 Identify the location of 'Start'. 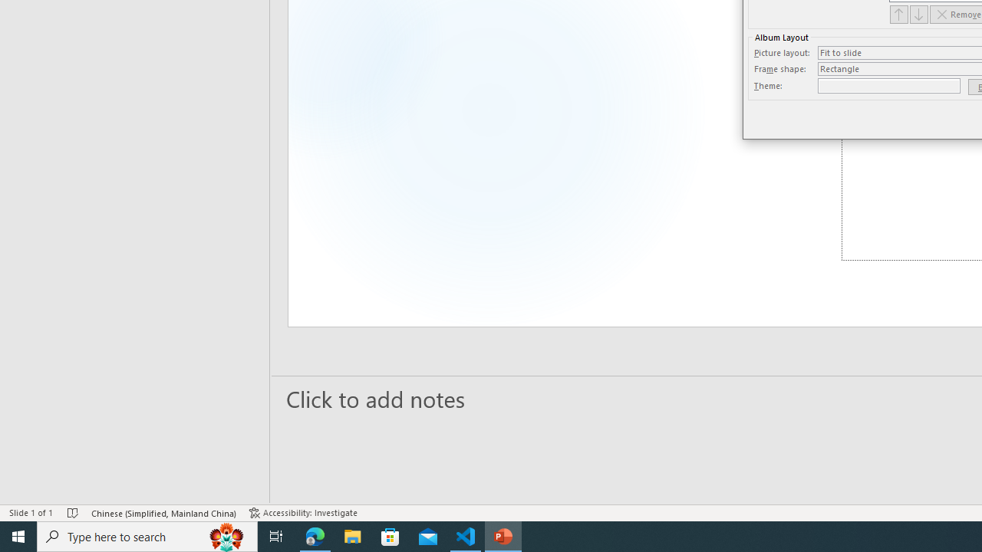
(18, 535).